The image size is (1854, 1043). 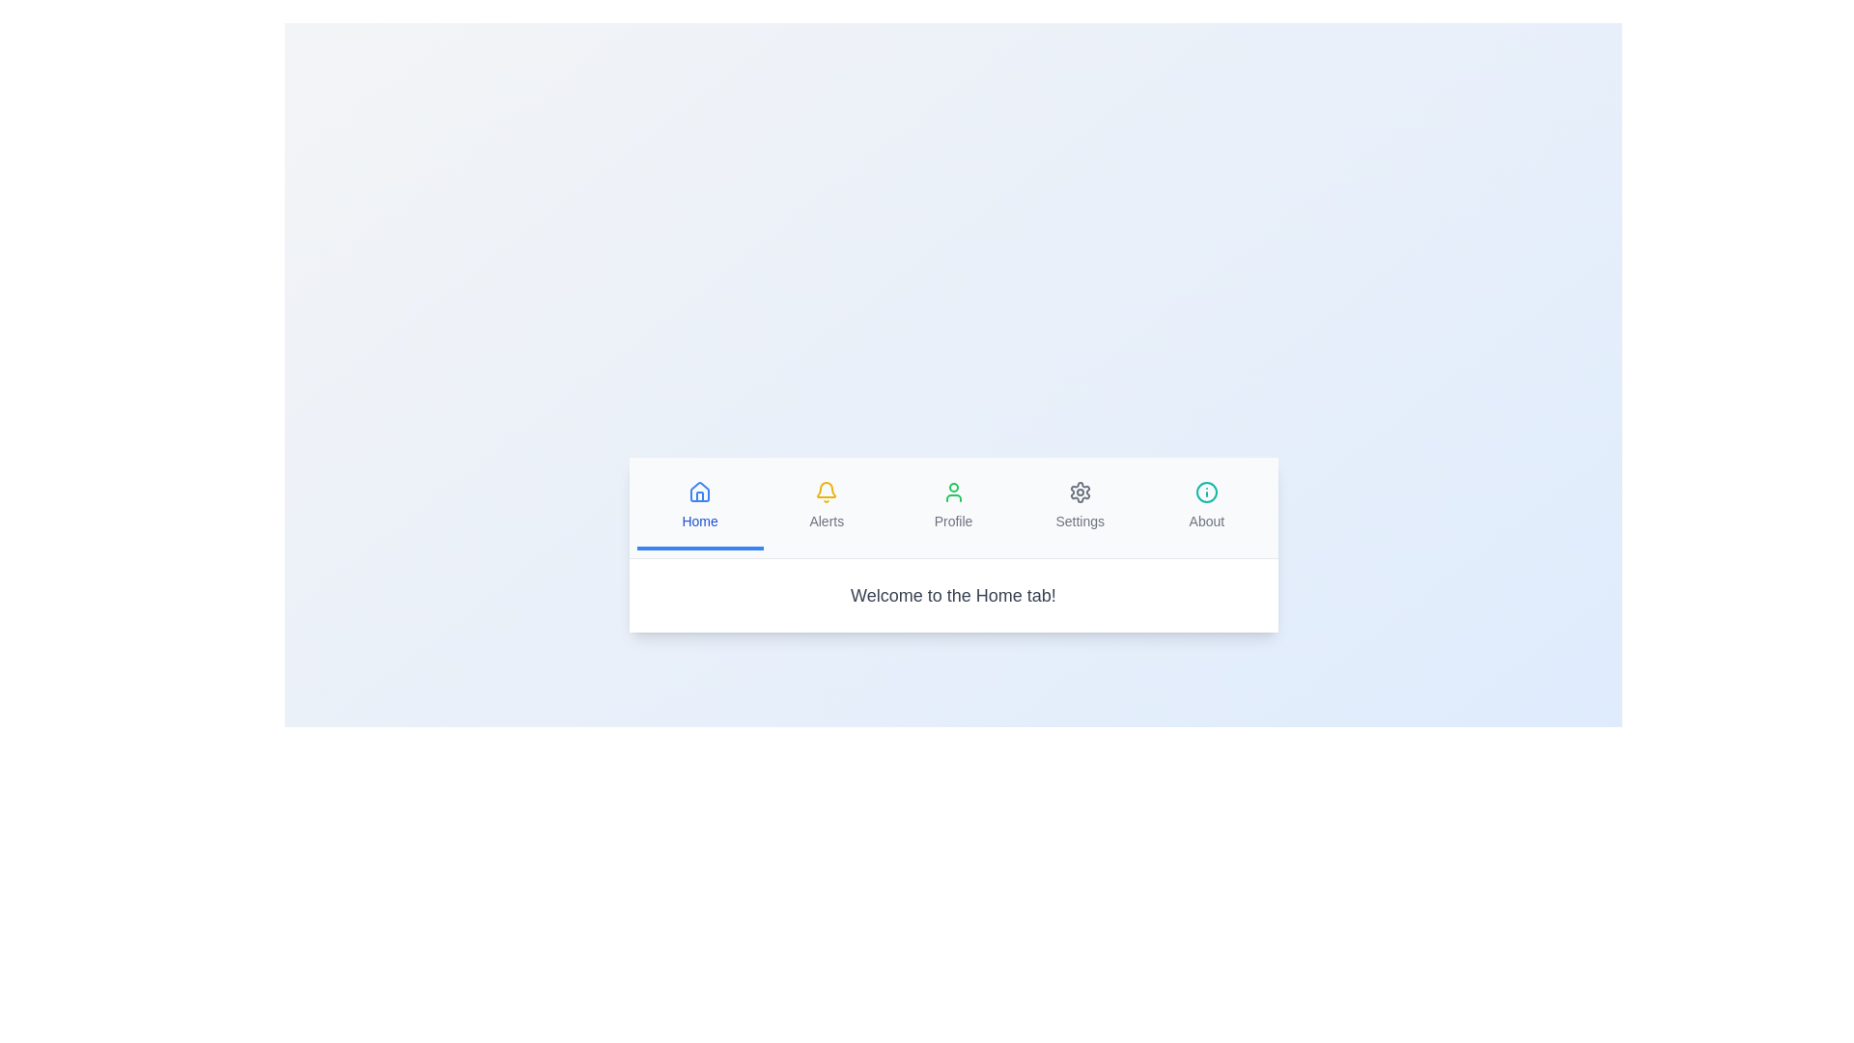 I want to click on the tab labeled Home to switch to its content, so click(x=698, y=505).